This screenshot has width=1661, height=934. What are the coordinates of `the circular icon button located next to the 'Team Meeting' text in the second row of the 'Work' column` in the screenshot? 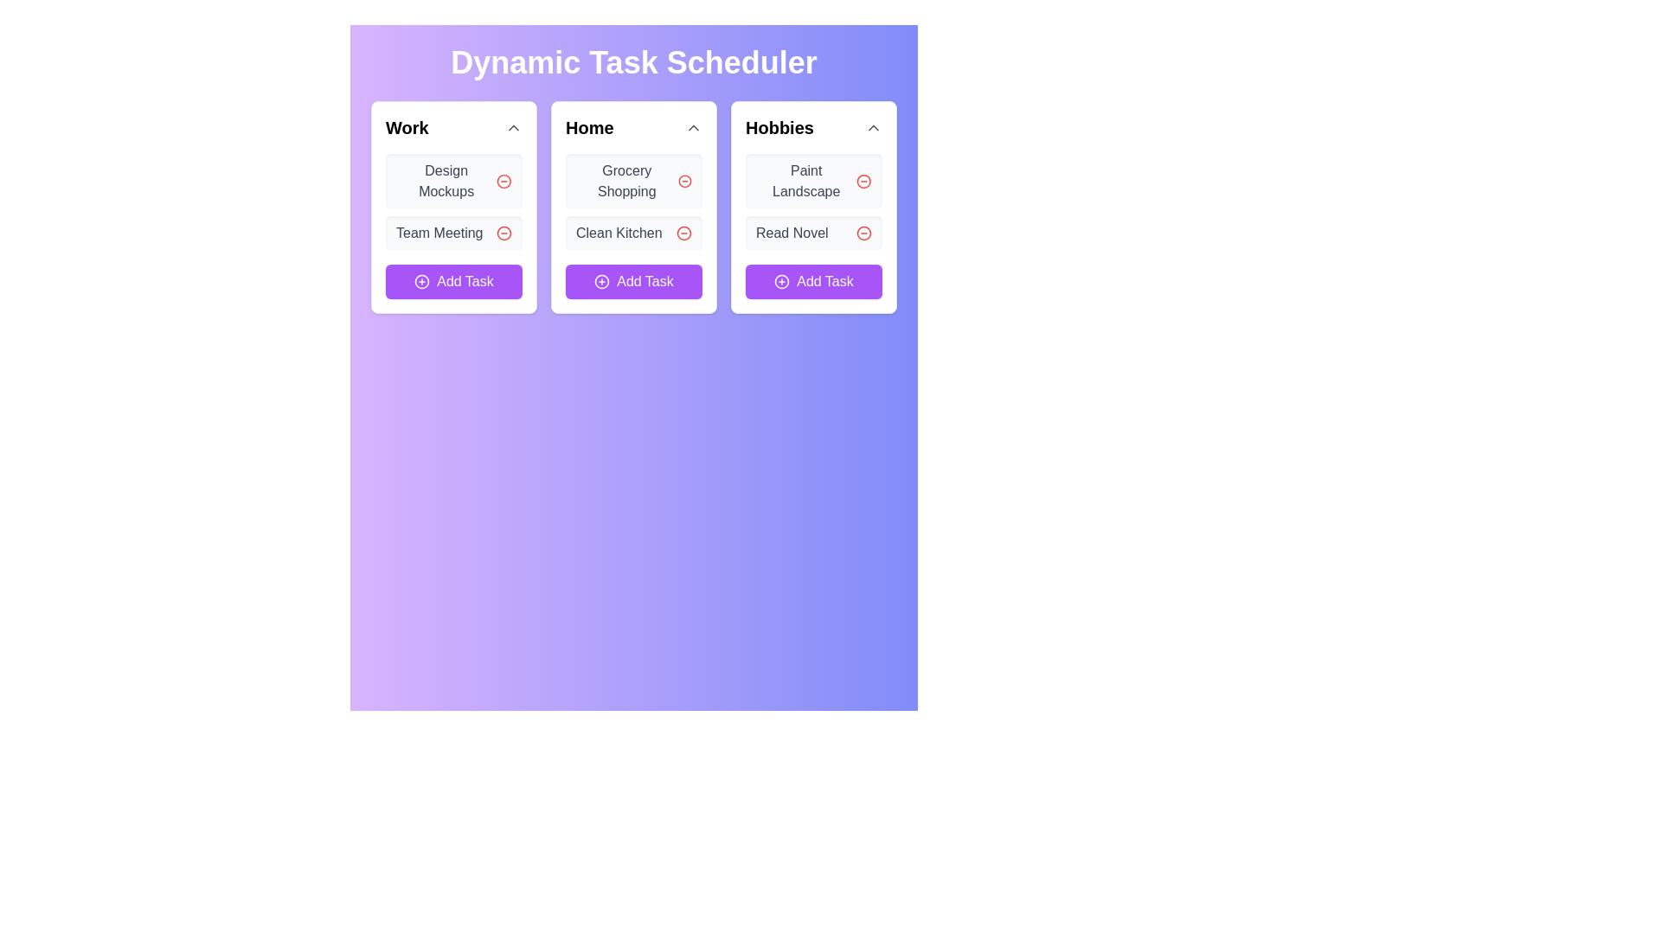 It's located at (503, 233).